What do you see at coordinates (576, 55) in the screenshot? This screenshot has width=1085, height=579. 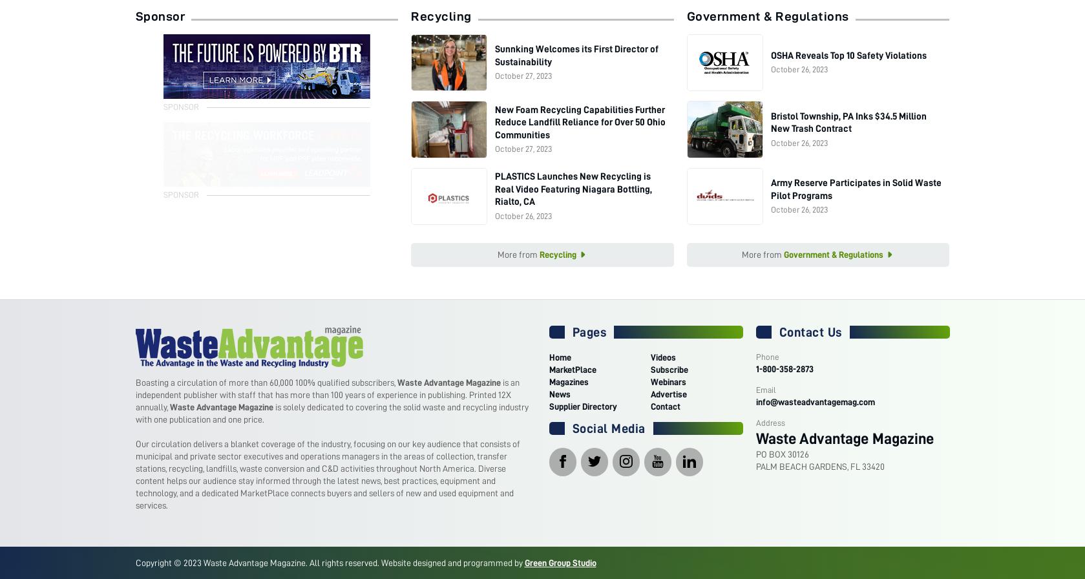 I see `'Sunnking Welcomes its First Director of Sustainability'` at bounding box center [576, 55].